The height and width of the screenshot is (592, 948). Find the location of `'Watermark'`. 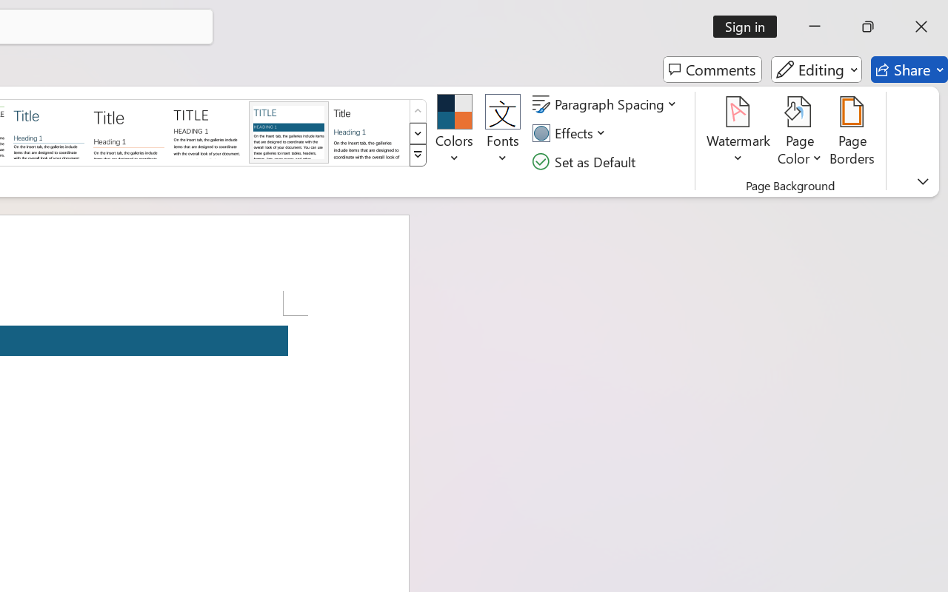

'Watermark' is located at coordinates (738, 132).